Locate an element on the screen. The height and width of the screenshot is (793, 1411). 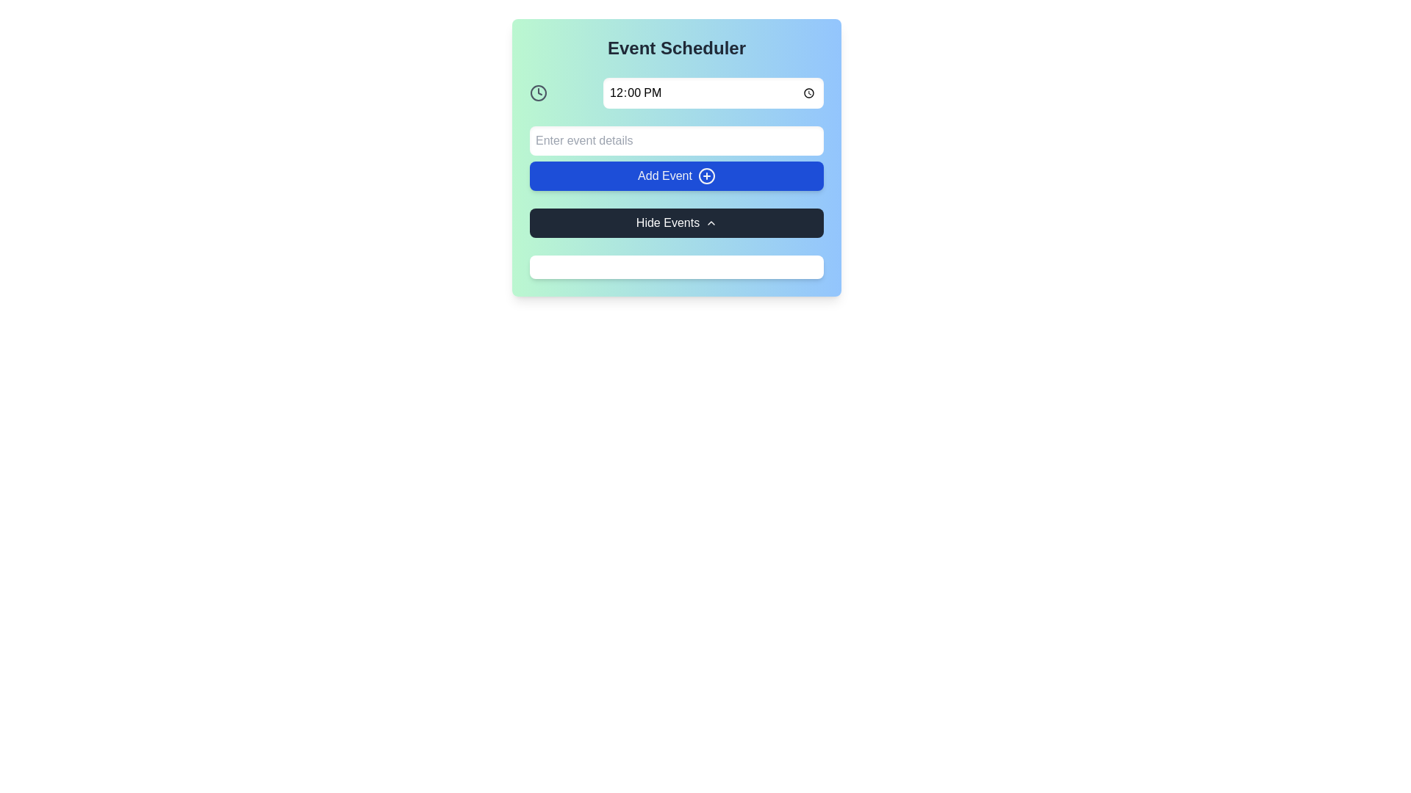
the 'Add Event' button located below the input field with placeholder text 'Enter event details' is located at coordinates (676, 159).